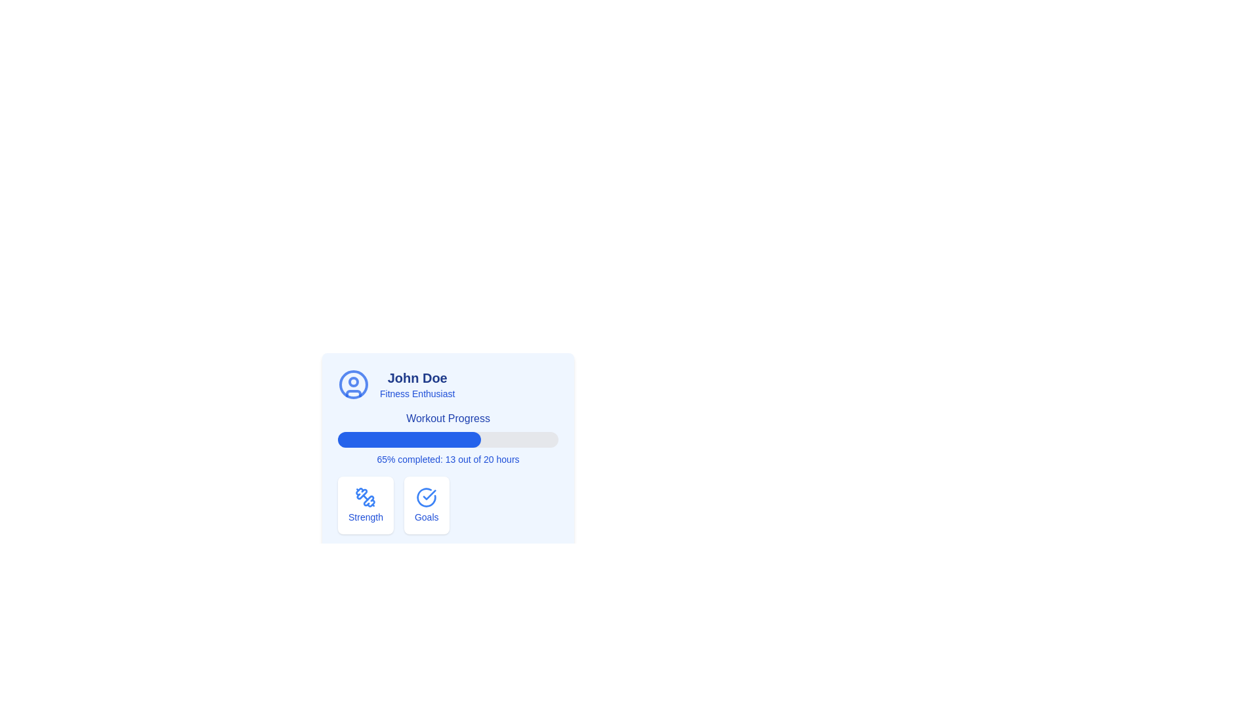  Describe the element at coordinates (448, 440) in the screenshot. I see `the progress information displayed on the blue and grey progress bar indicating workout achievement, which is located centrally below the 'Workout Progress' text and above '65% completed: 13 out of 20 hours'` at that location.